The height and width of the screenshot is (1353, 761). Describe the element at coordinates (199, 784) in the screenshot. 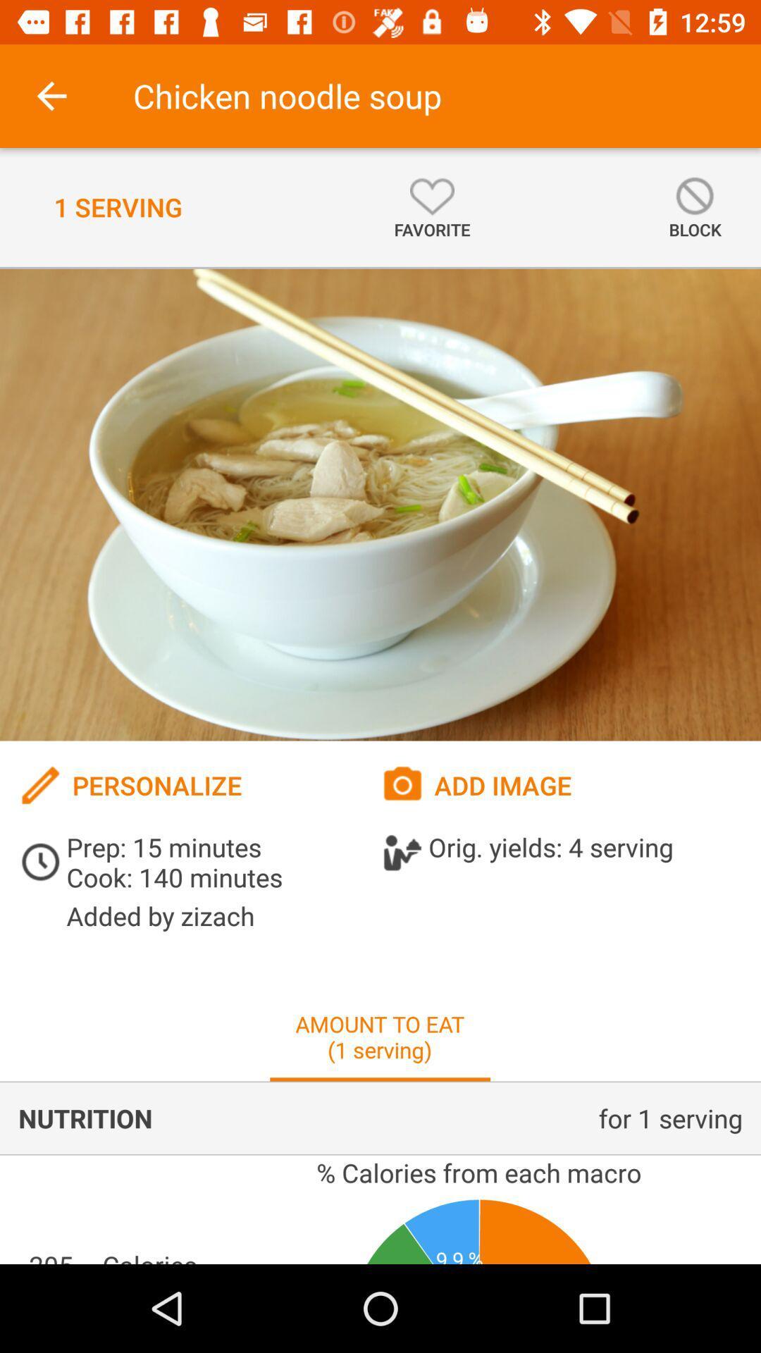

I see `the item above prep 15 minutes item` at that location.